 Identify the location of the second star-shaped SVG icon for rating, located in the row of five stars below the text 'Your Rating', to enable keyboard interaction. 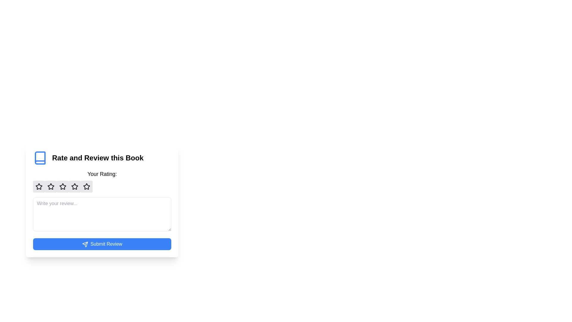
(74, 186).